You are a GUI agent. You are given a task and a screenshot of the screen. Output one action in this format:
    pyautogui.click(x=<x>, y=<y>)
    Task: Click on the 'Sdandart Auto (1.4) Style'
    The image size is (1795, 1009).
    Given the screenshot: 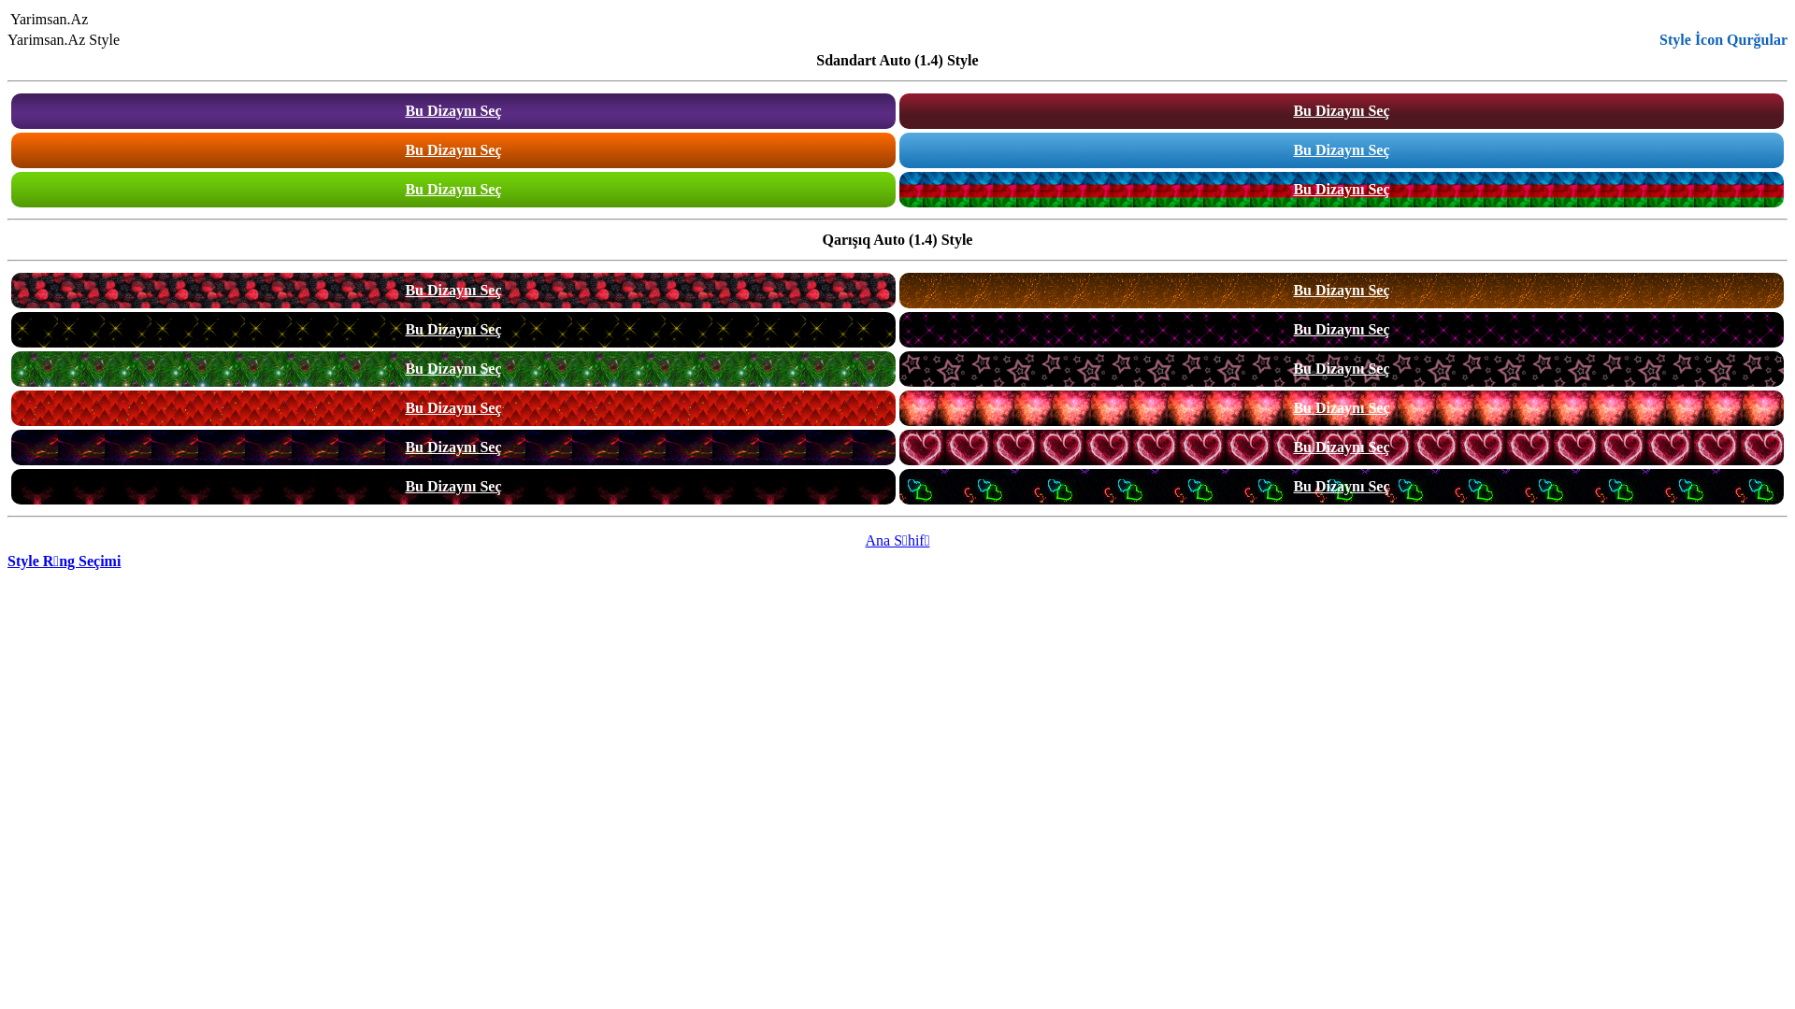 What is the action you would take?
    pyautogui.click(x=896, y=59)
    